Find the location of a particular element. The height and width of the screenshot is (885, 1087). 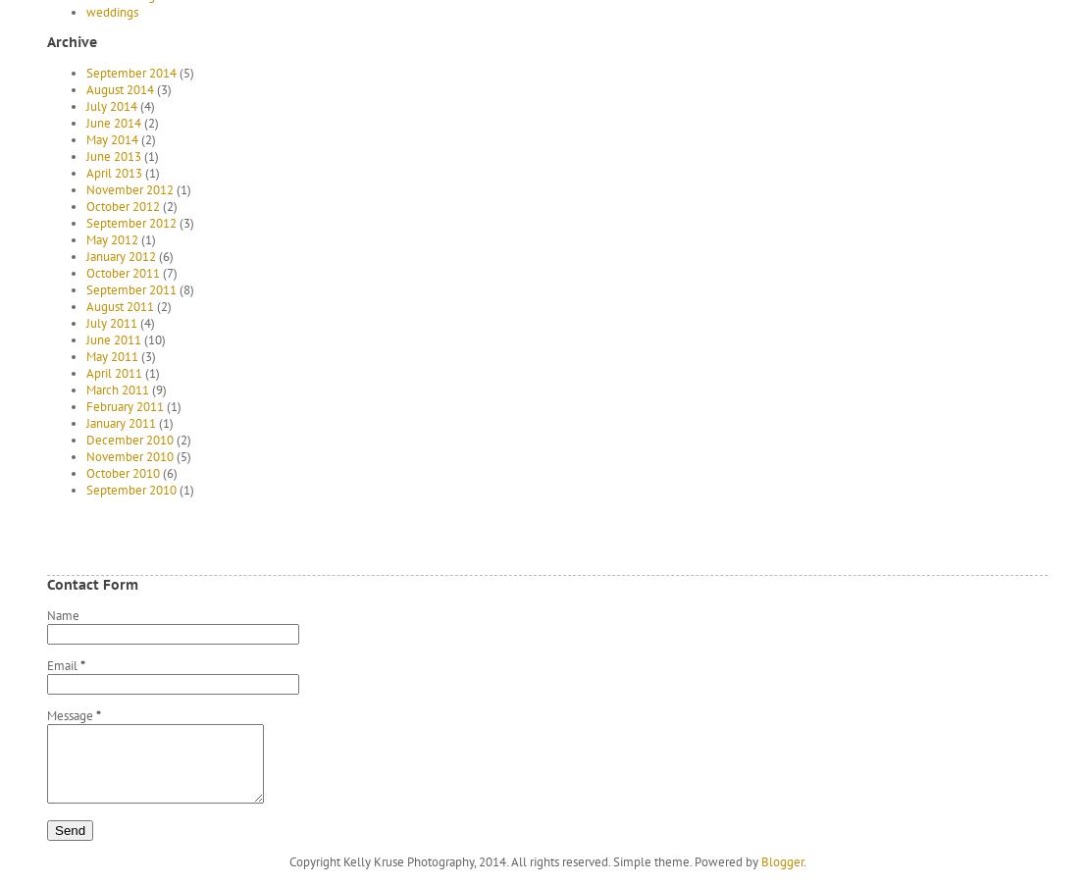

'May 2012' is located at coordinates (112, 238).